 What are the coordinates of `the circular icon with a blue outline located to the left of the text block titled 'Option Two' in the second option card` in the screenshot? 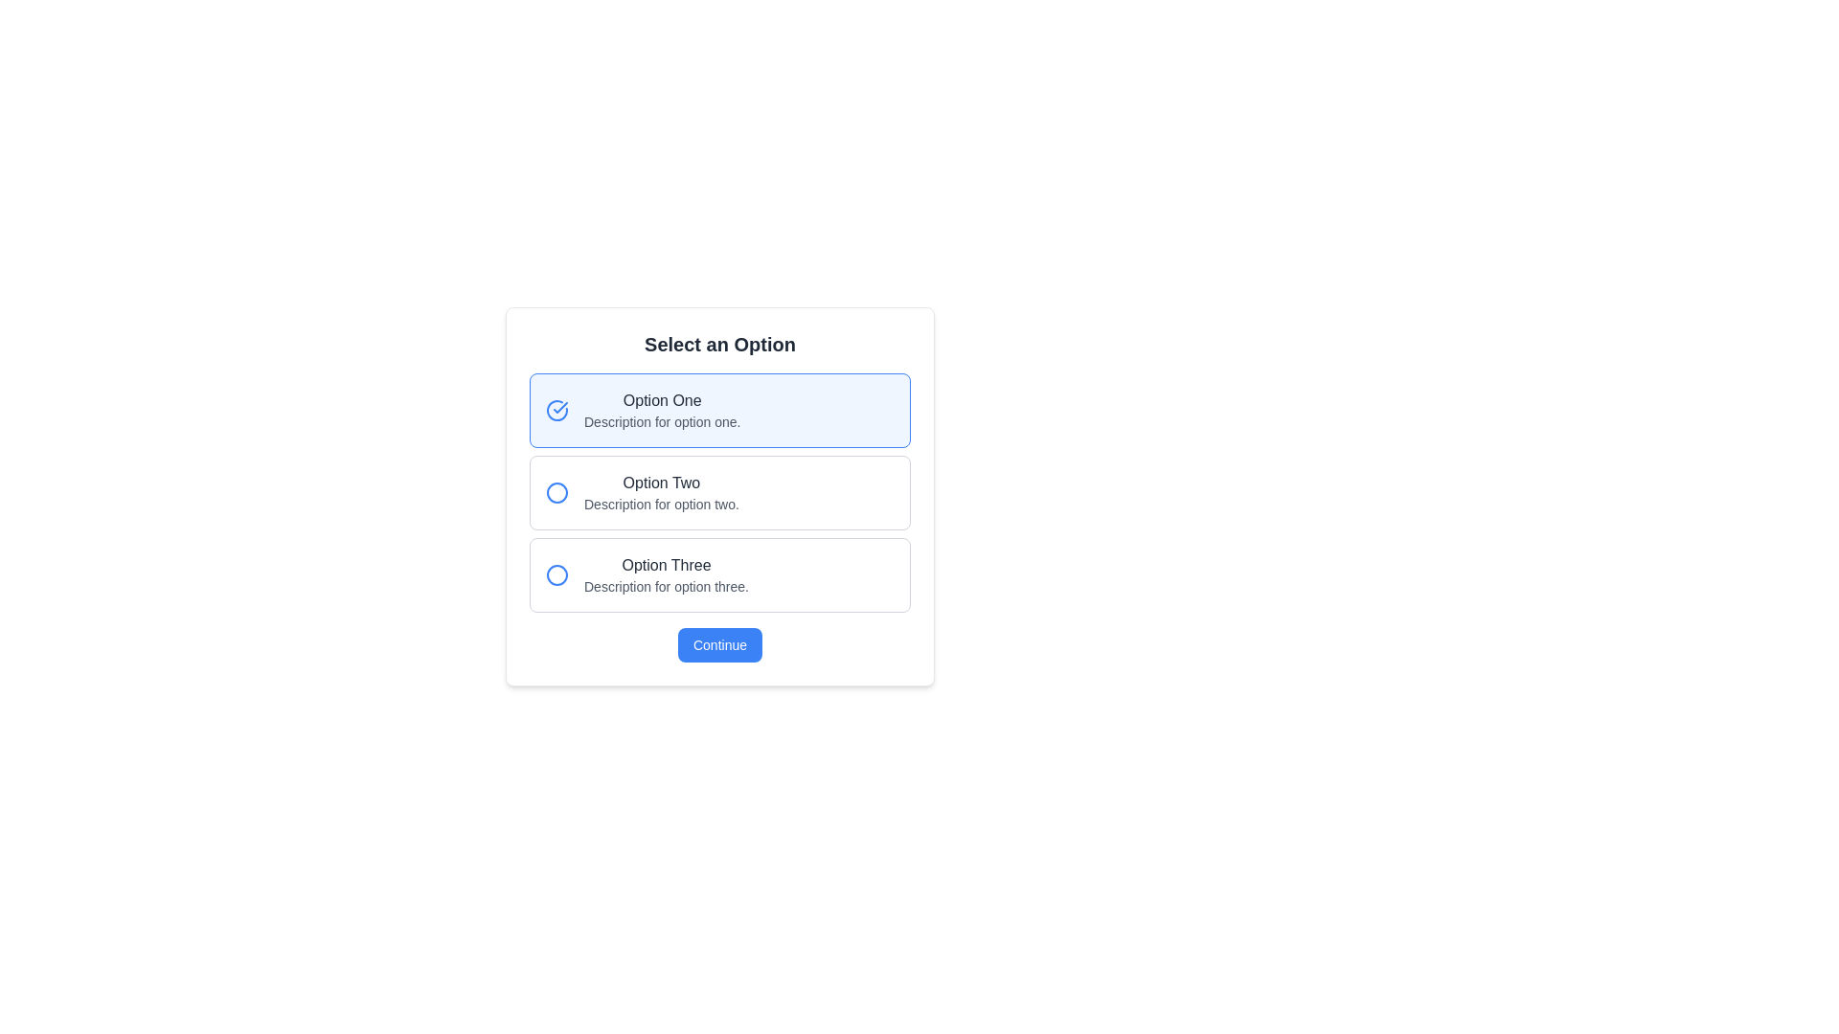 It's located at (556, 492).